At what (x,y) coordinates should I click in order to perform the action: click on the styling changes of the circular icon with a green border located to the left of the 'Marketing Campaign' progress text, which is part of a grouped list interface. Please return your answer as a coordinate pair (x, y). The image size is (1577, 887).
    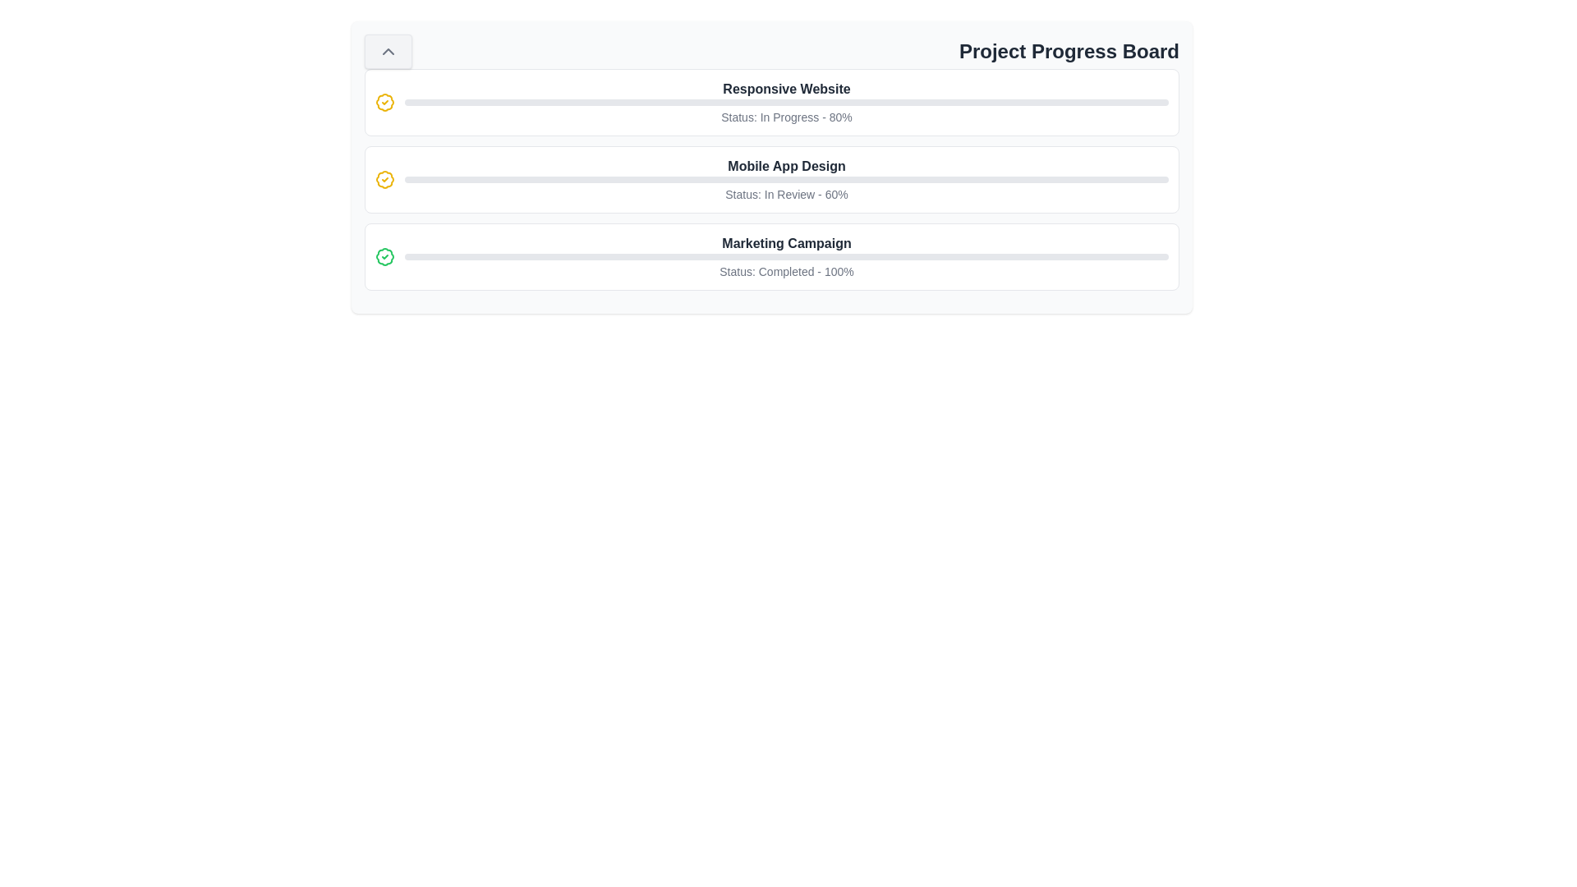
    Looking at the image, I should click on (384, 256).